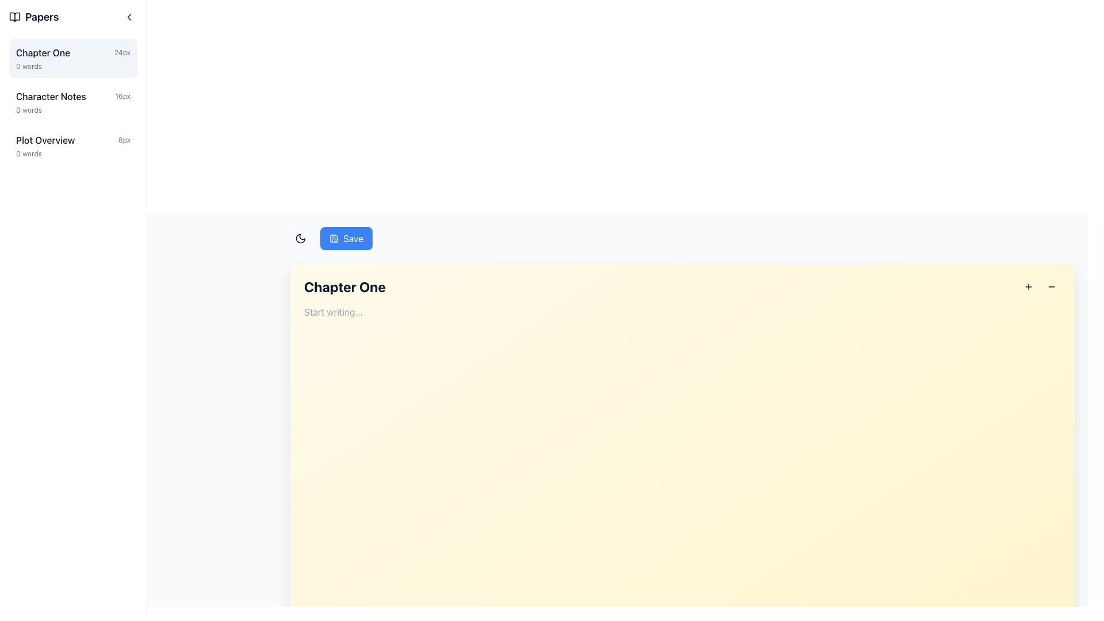 This screenshot has height=621, width=1104. What do you see at coordinates (129, 17) in the screenshot?
I see `the navigation button located to the right of the 'Papers' heading in the top-left section of the page` at bounding box center [129, 17].